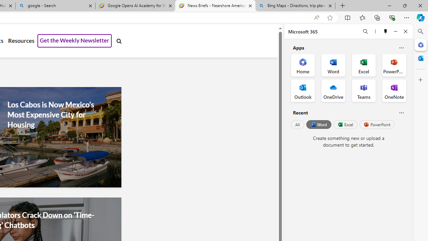  I want to click on 'News Briefs - Nearshore Americas', so click(215, 6).